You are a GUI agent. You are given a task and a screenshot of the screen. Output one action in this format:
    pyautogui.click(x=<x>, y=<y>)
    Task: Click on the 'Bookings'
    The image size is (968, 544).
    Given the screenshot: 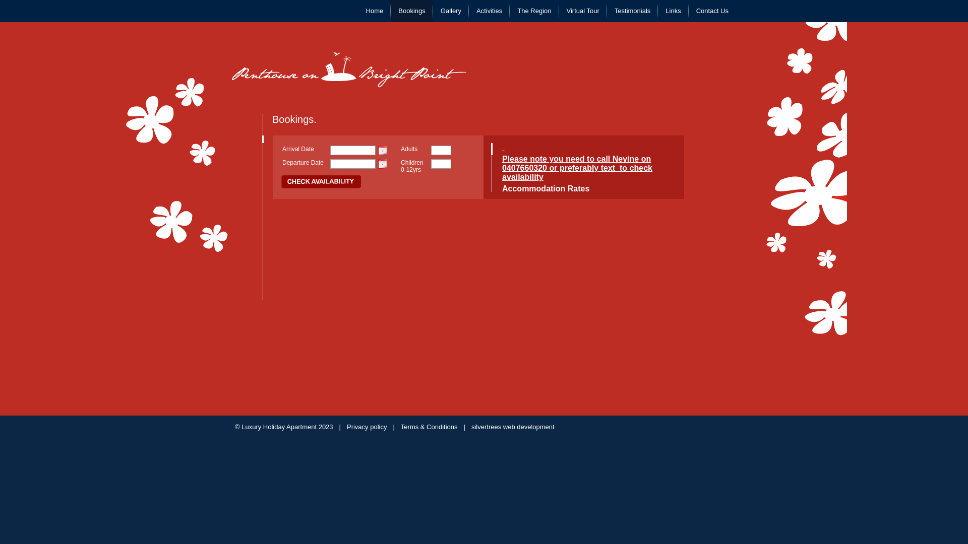 What is the action you would take?
    pyautogui.click(x=411, y=11)
    